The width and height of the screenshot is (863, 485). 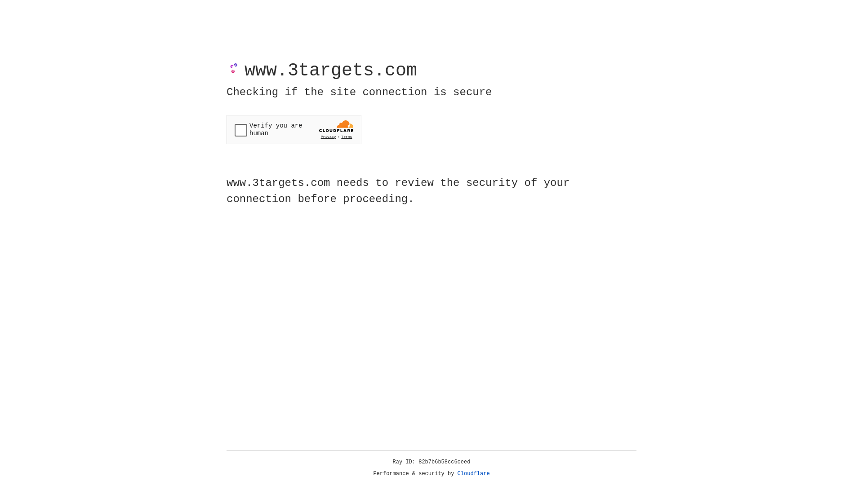 What do you see at coordinates (473, 473) in the screenshot?
I see `'Cloudflare'` at bounding box center [473, 473].